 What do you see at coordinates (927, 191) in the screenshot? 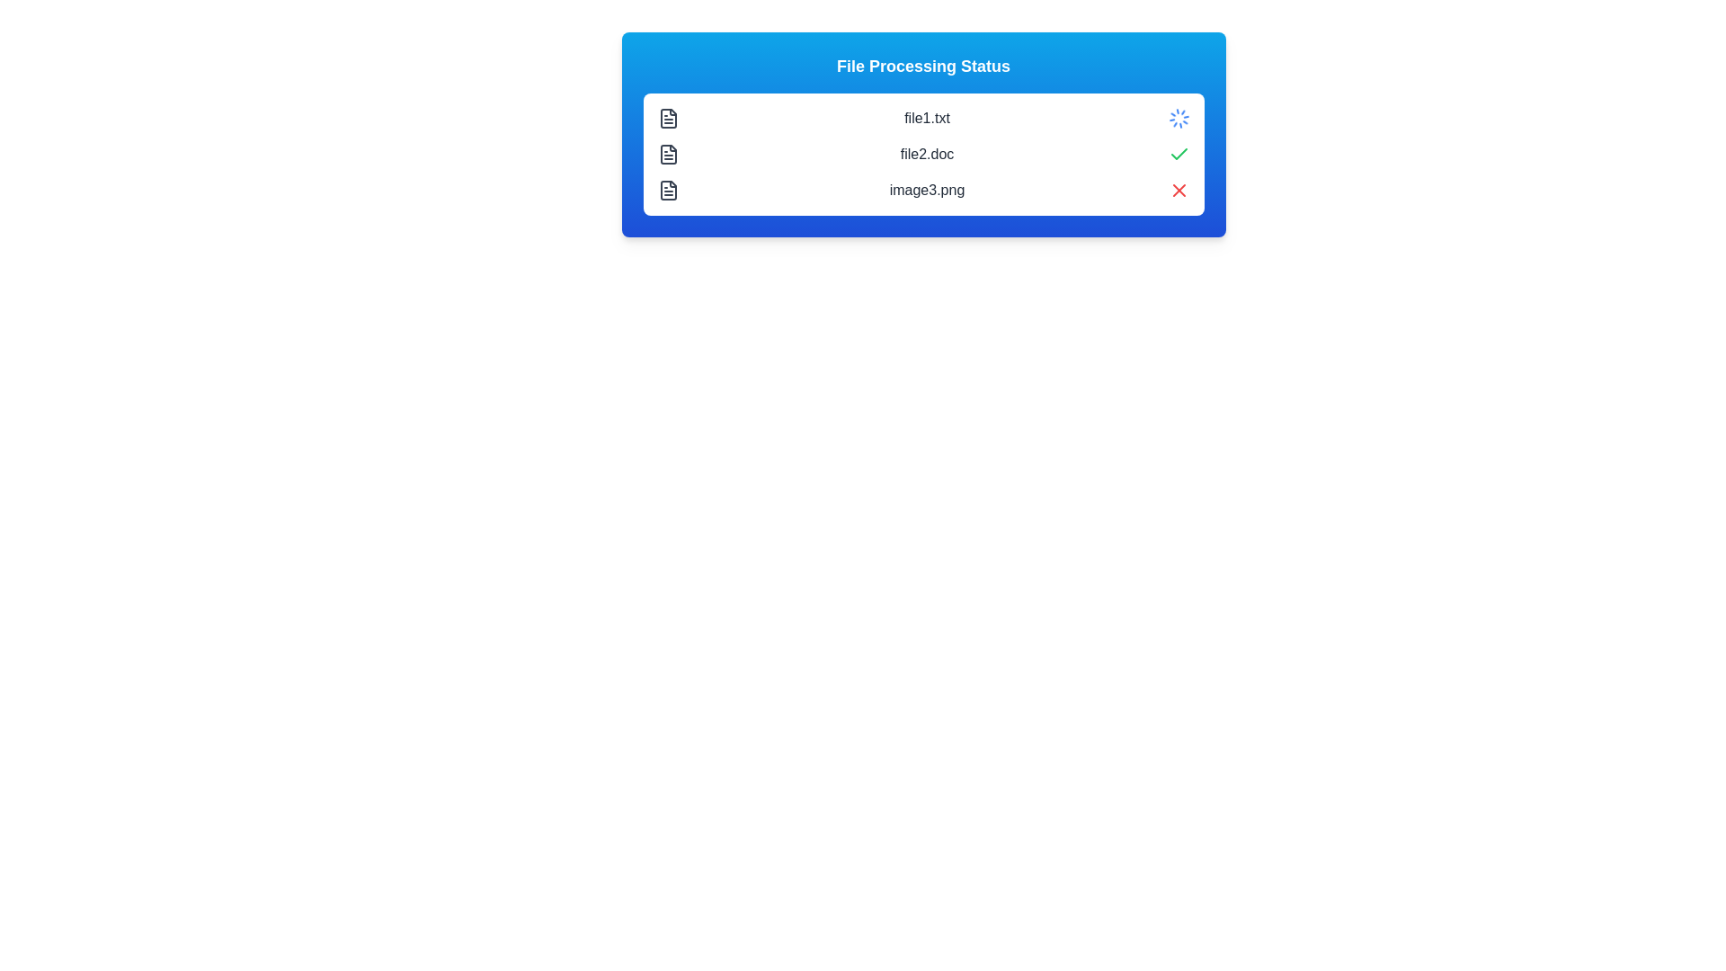
I see `the static text label that provides the name of the file, located between an icon on the left and a red-colored 'X' icon on the right` at bounding box center [927, 191].